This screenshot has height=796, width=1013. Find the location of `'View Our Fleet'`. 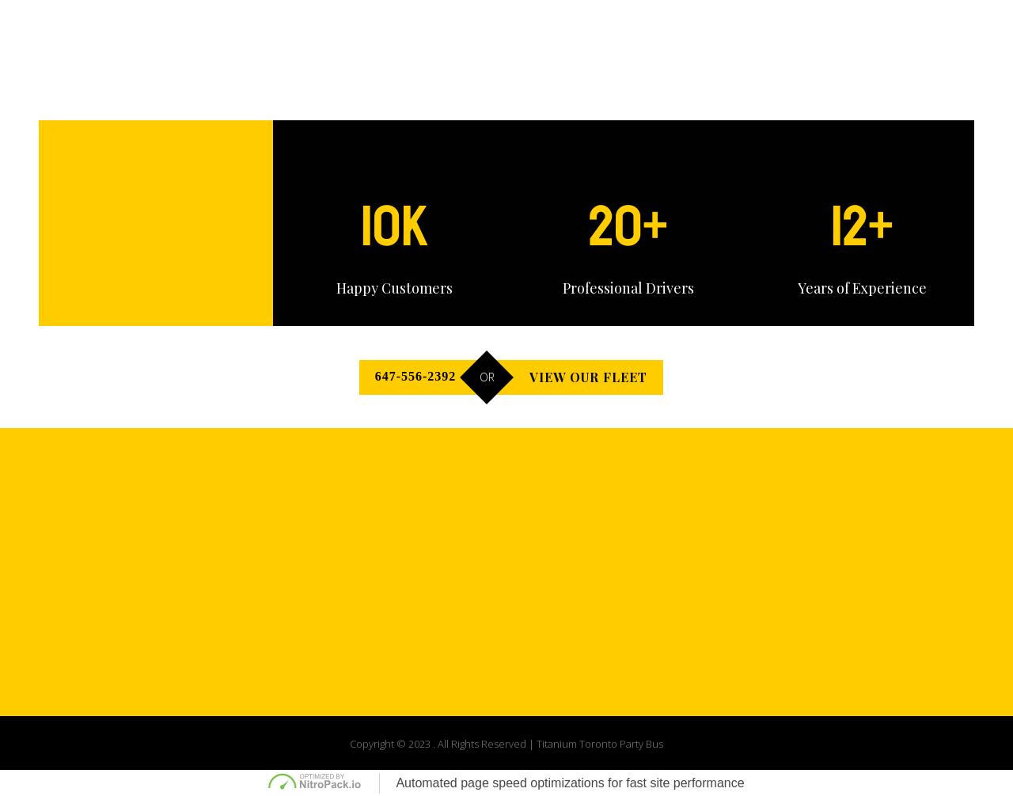

'View Our Fleet' is located at coordinates (690, 476).